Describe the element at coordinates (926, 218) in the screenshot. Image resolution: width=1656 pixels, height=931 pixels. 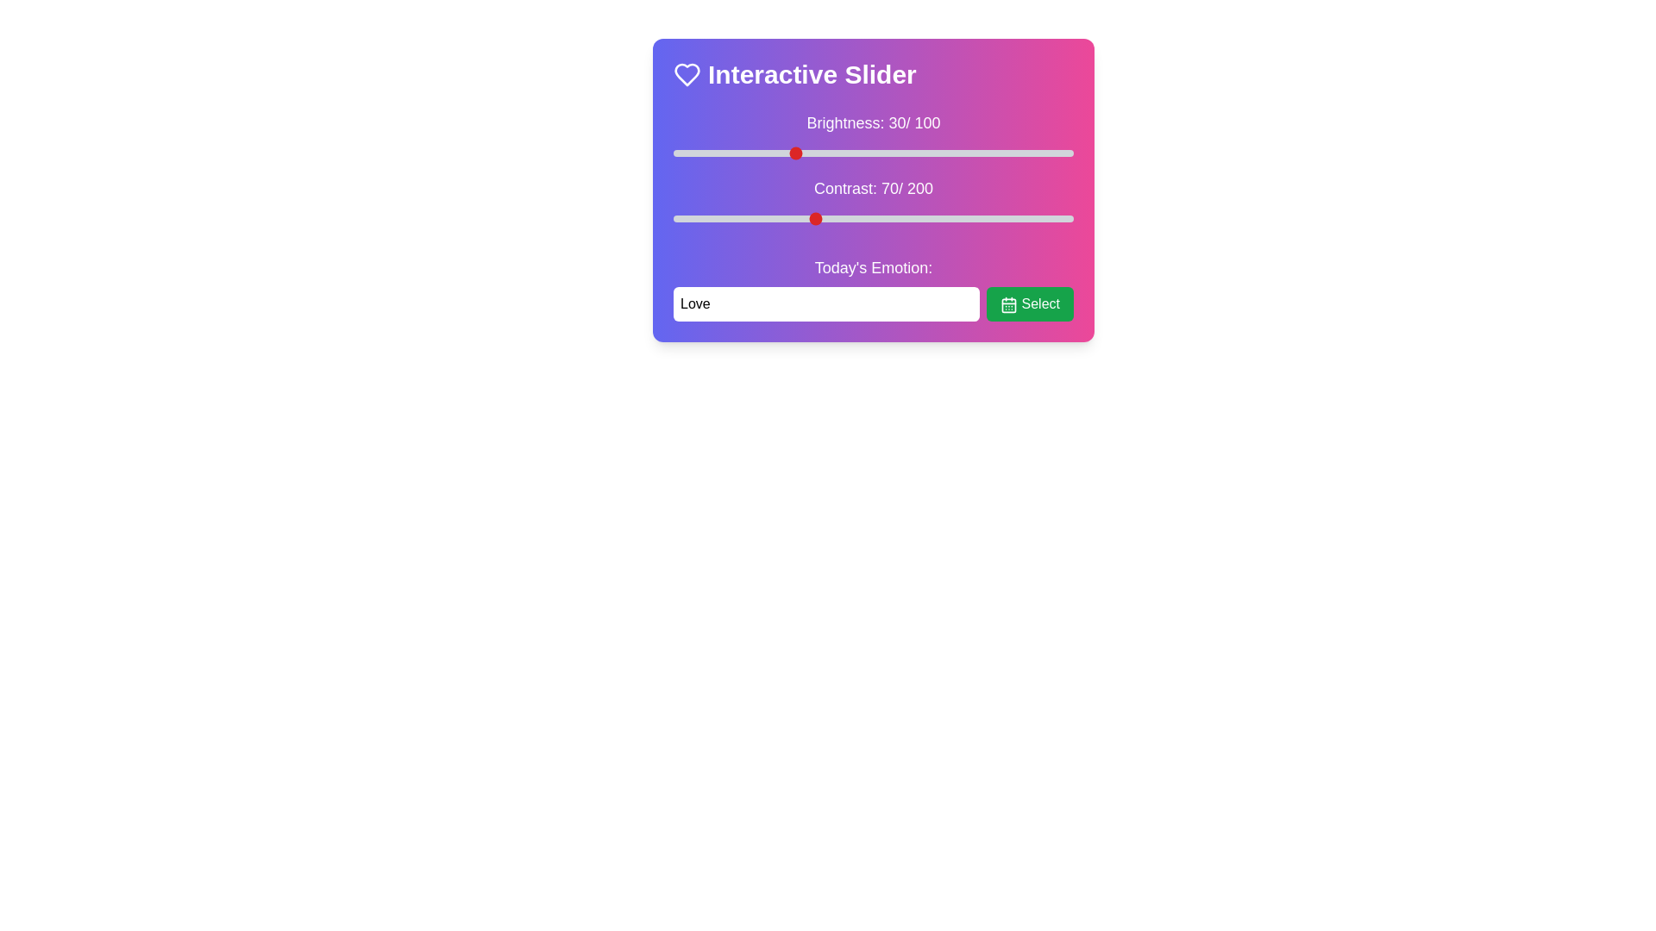
I see `the contrast slider to 127` at that location.